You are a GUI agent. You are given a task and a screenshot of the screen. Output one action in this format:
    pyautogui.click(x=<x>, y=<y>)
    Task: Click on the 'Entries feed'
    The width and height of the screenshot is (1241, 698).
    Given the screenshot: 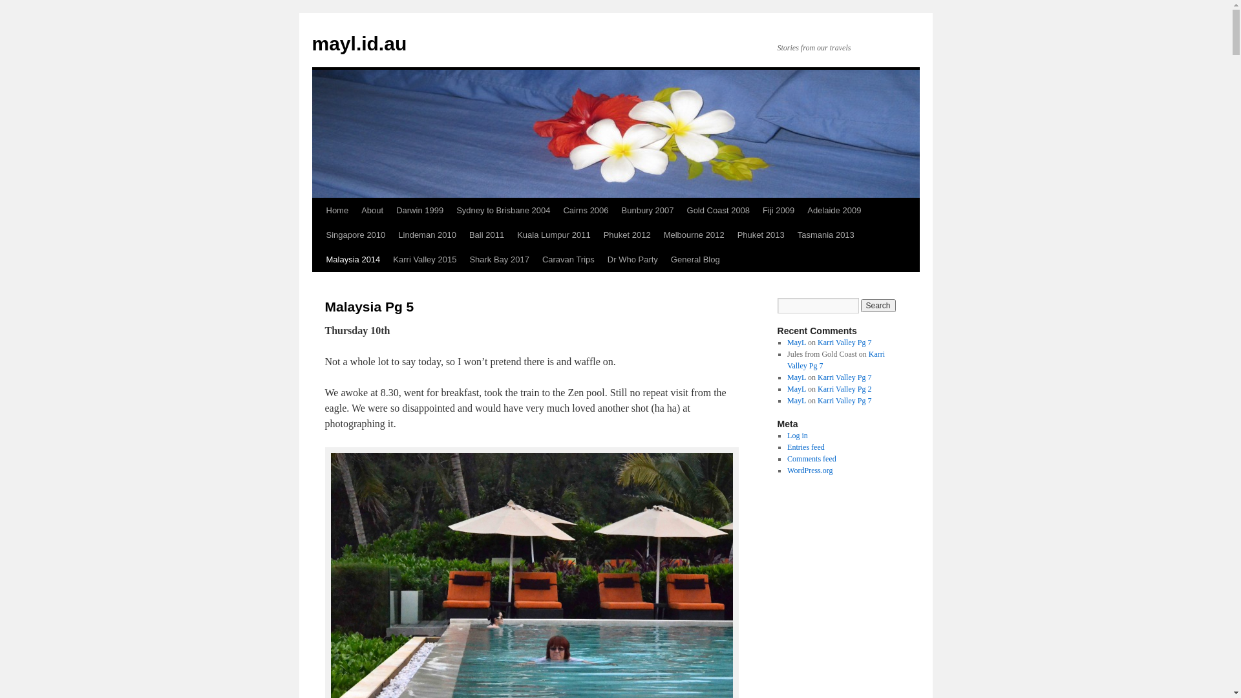 What is the action you would take?
    pyautogui.click(x=805, y=446)
    